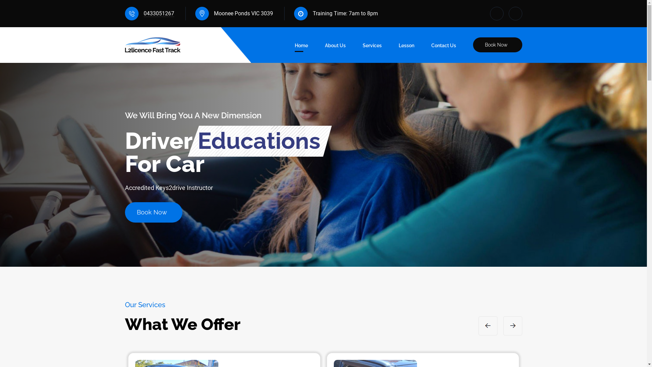 This screenshot has width=652, height=367. Describe the element at coordinates (158, 13) in the screenshot. I see `'0433051267'` at that location.